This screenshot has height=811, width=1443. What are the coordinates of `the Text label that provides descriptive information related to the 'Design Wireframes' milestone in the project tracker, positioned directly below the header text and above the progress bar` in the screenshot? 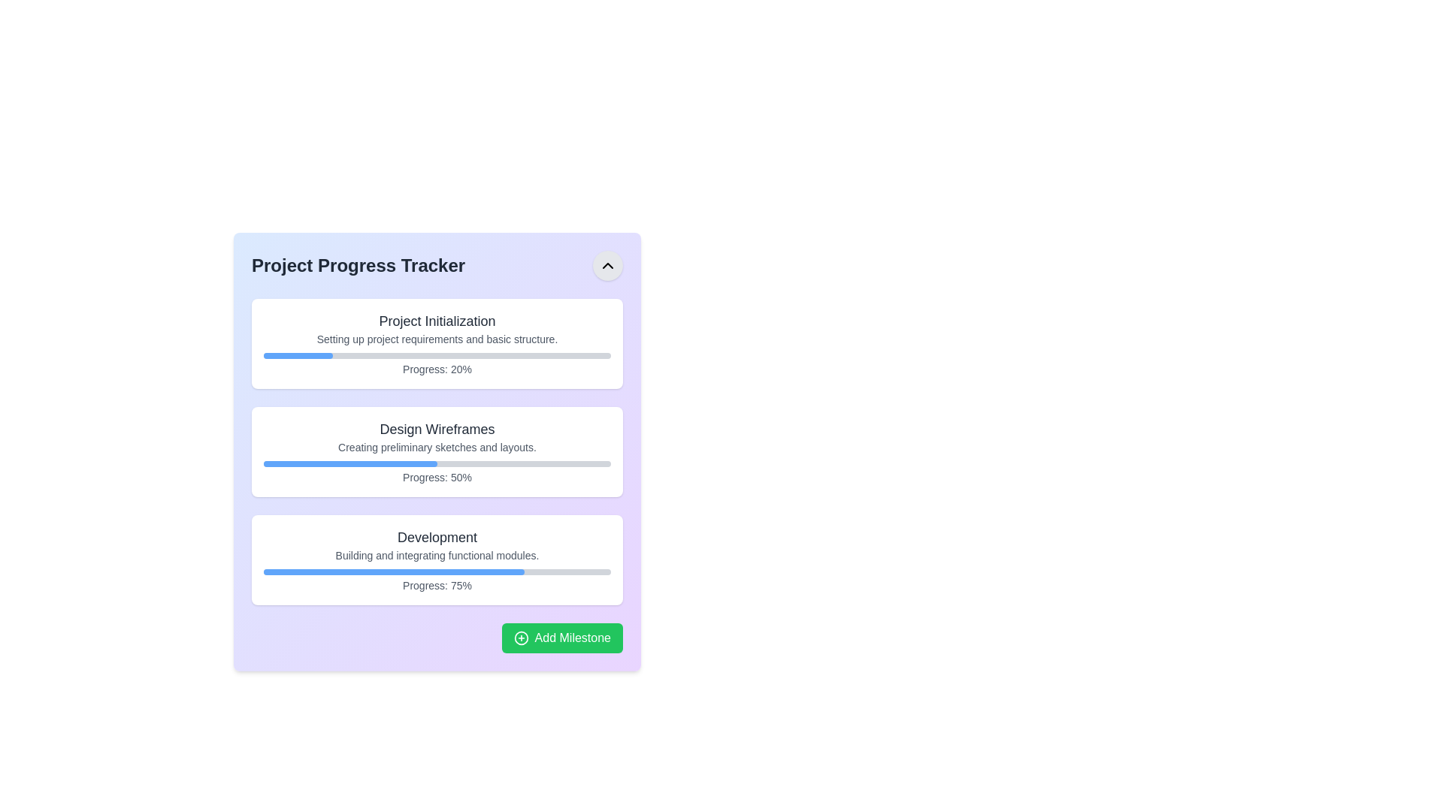 It's located at (436, 447).